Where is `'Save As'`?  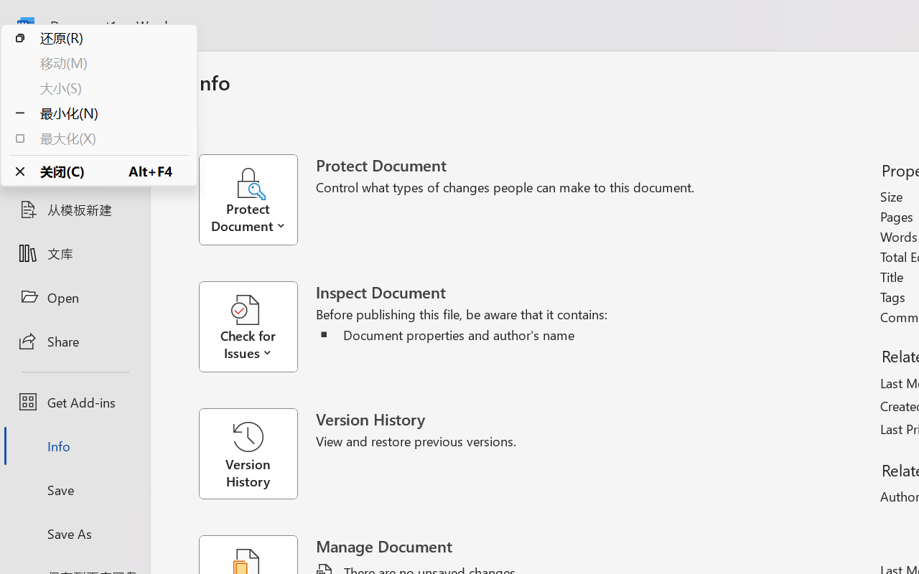
'Save As' is located at coordinates (74, 533).